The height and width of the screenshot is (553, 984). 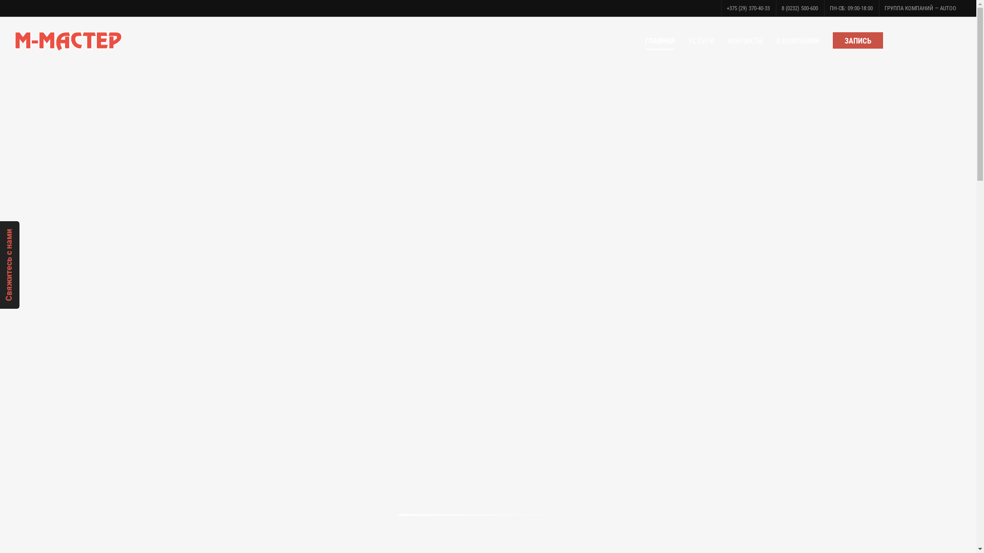 I want to click on '8 (0232) 500-600', so click(x=775, y=8).